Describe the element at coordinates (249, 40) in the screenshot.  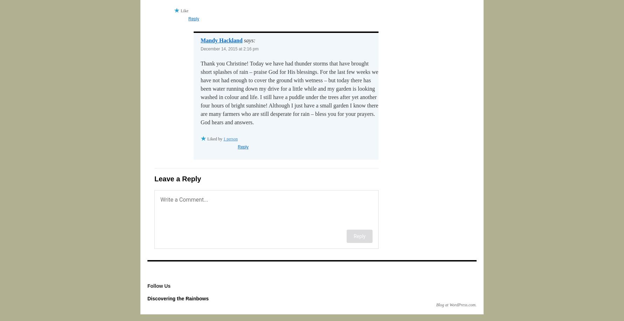
I see `'says:'` at that location.